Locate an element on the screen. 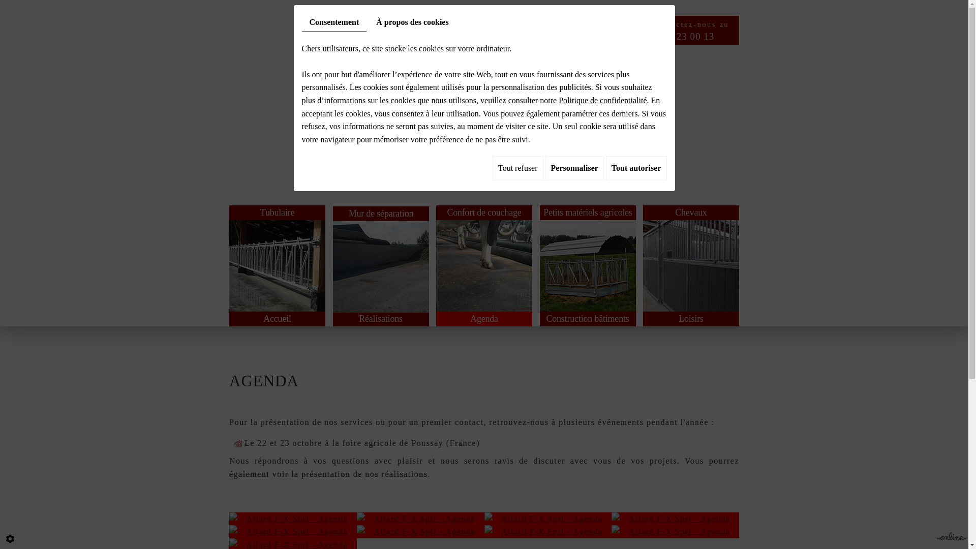  'Tubulaire' is located at coordinates (277, 258).